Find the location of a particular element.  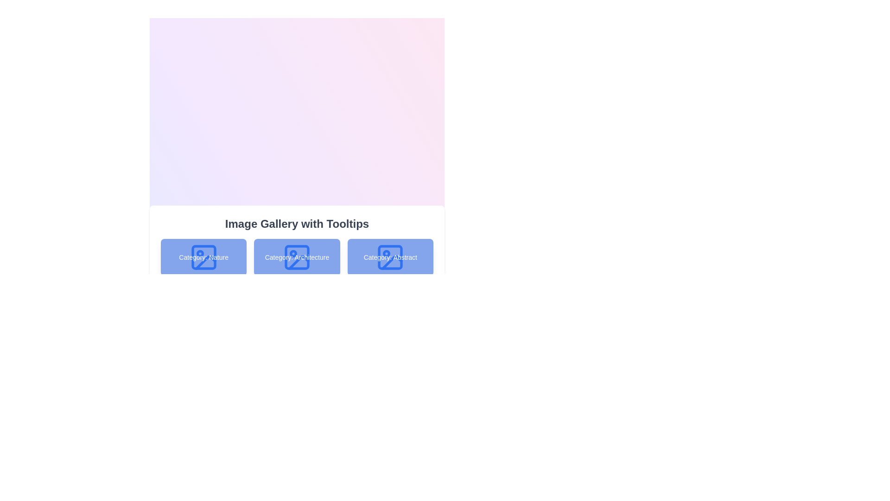

the 'Abstract' category selector card, which is the rightmost element in the first row of a three-column grid layout is located at coordinates (390, 257).